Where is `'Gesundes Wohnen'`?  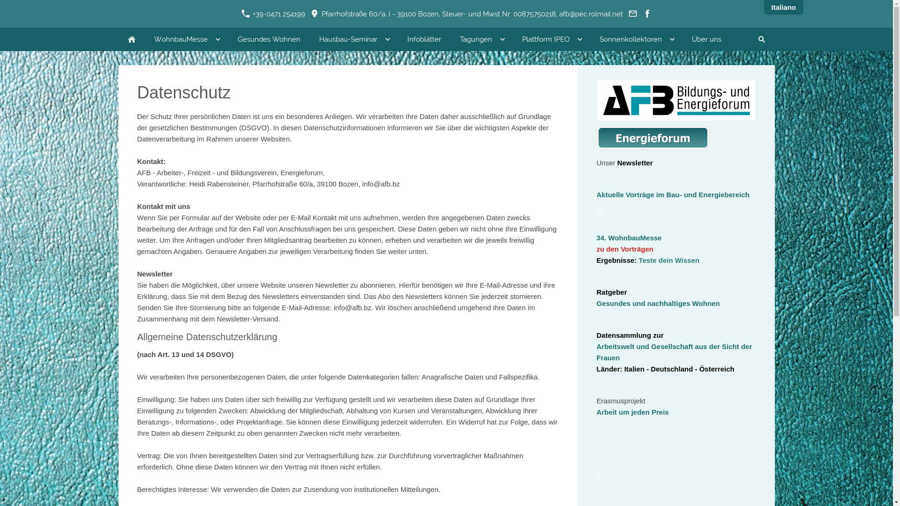 'Gesundes Wohnen' is located at coordinates (268, 39).